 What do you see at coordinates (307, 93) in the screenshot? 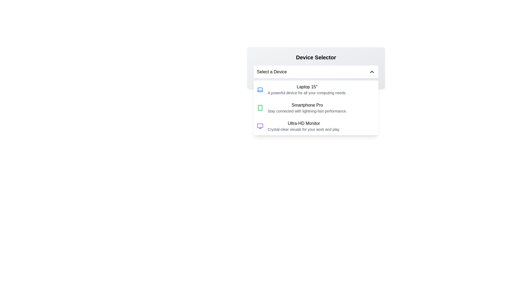
I see `descriptive text label that states 'A powerful device for all your computing needs.' which is located below the heading 'Laptop 15' in the 'Device Selector' dropdown menu` at bounding box center [307, 93].